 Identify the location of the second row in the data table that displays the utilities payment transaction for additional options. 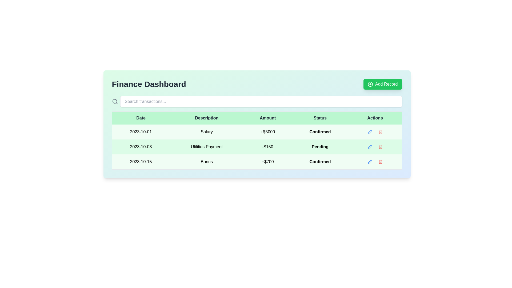
(257, 147).